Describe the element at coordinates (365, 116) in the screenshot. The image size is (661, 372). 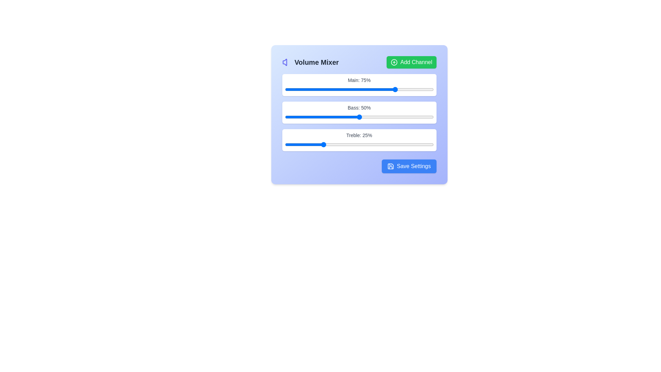
I see `bass level` at that location.